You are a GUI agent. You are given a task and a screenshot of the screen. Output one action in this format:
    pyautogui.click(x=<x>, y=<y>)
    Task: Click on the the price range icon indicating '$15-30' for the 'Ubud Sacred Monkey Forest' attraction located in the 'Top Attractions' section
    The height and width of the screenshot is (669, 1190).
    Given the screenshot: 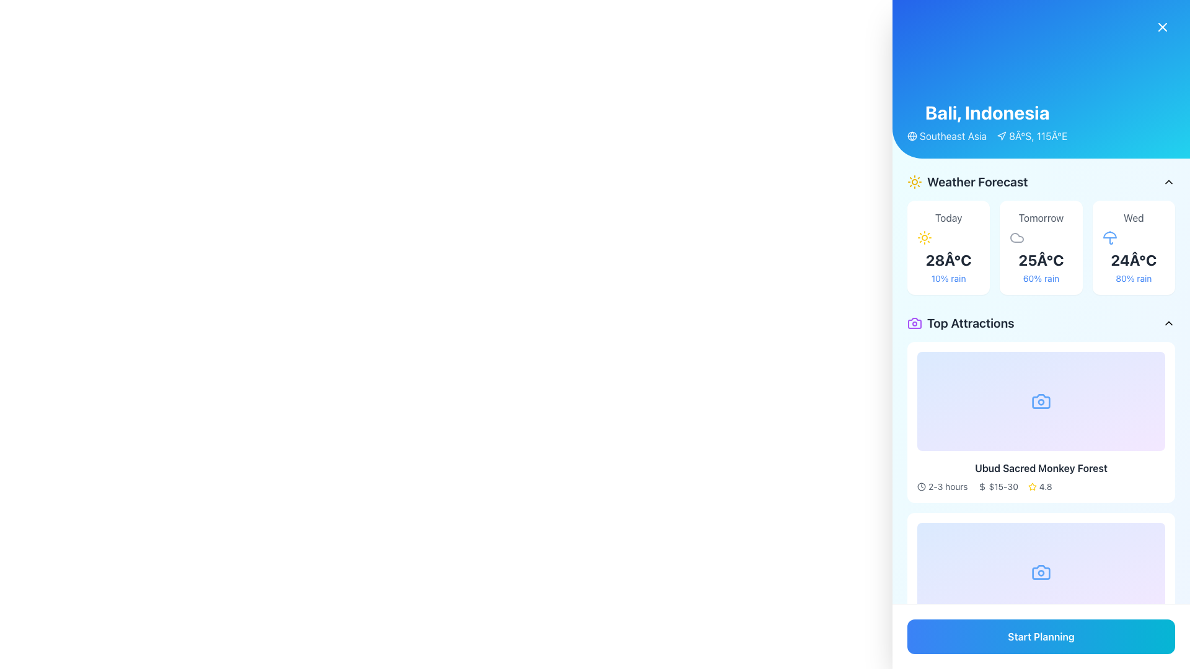 What is the action you would take?
    pyautogui.click(x=981, y=486)
    